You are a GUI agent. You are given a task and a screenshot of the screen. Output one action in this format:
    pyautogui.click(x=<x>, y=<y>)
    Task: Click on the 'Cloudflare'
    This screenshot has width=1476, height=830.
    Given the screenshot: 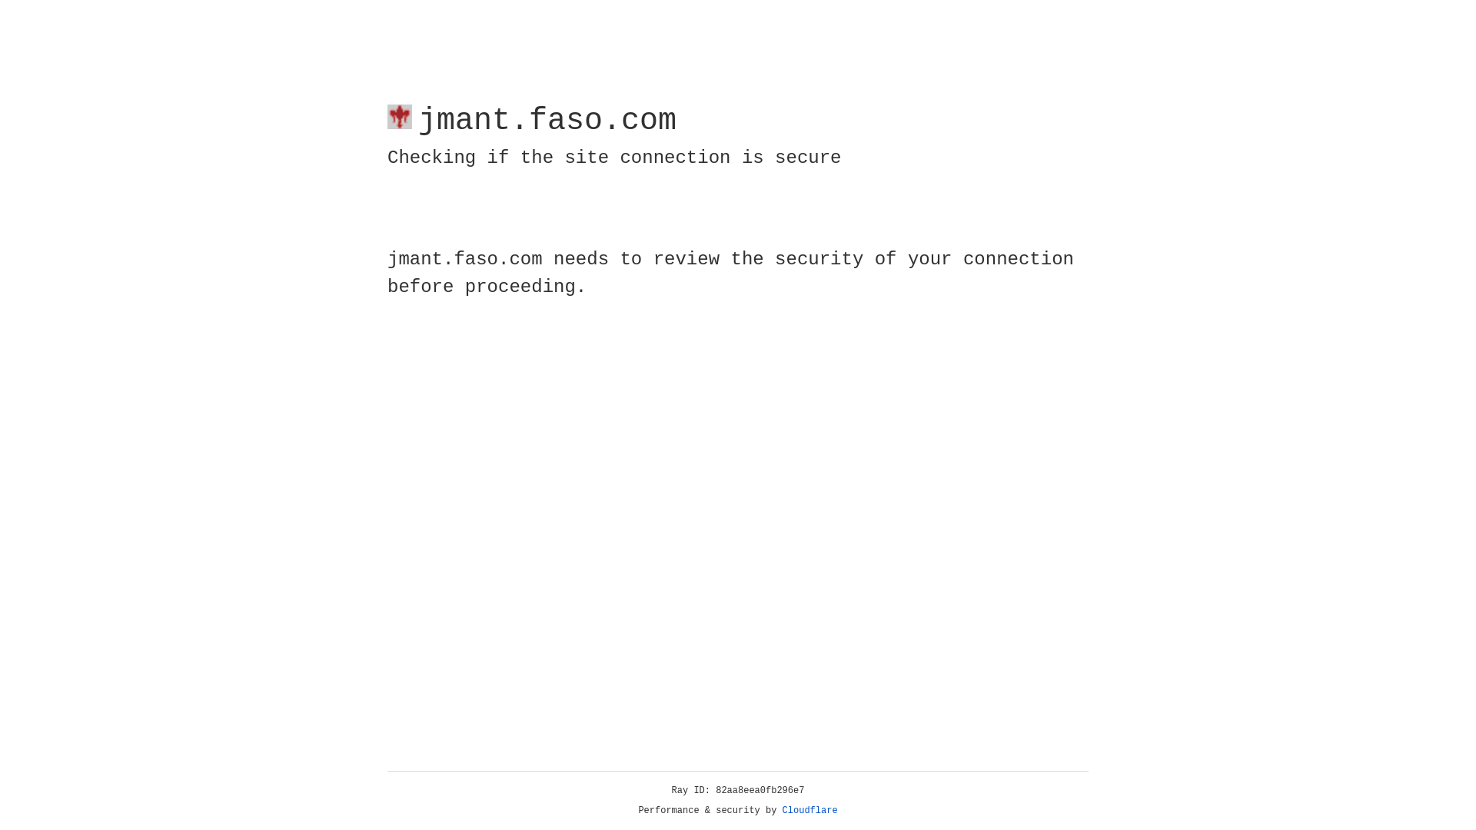 What is the action you would take?
    pyautogui.click(x=809, y=810)
    